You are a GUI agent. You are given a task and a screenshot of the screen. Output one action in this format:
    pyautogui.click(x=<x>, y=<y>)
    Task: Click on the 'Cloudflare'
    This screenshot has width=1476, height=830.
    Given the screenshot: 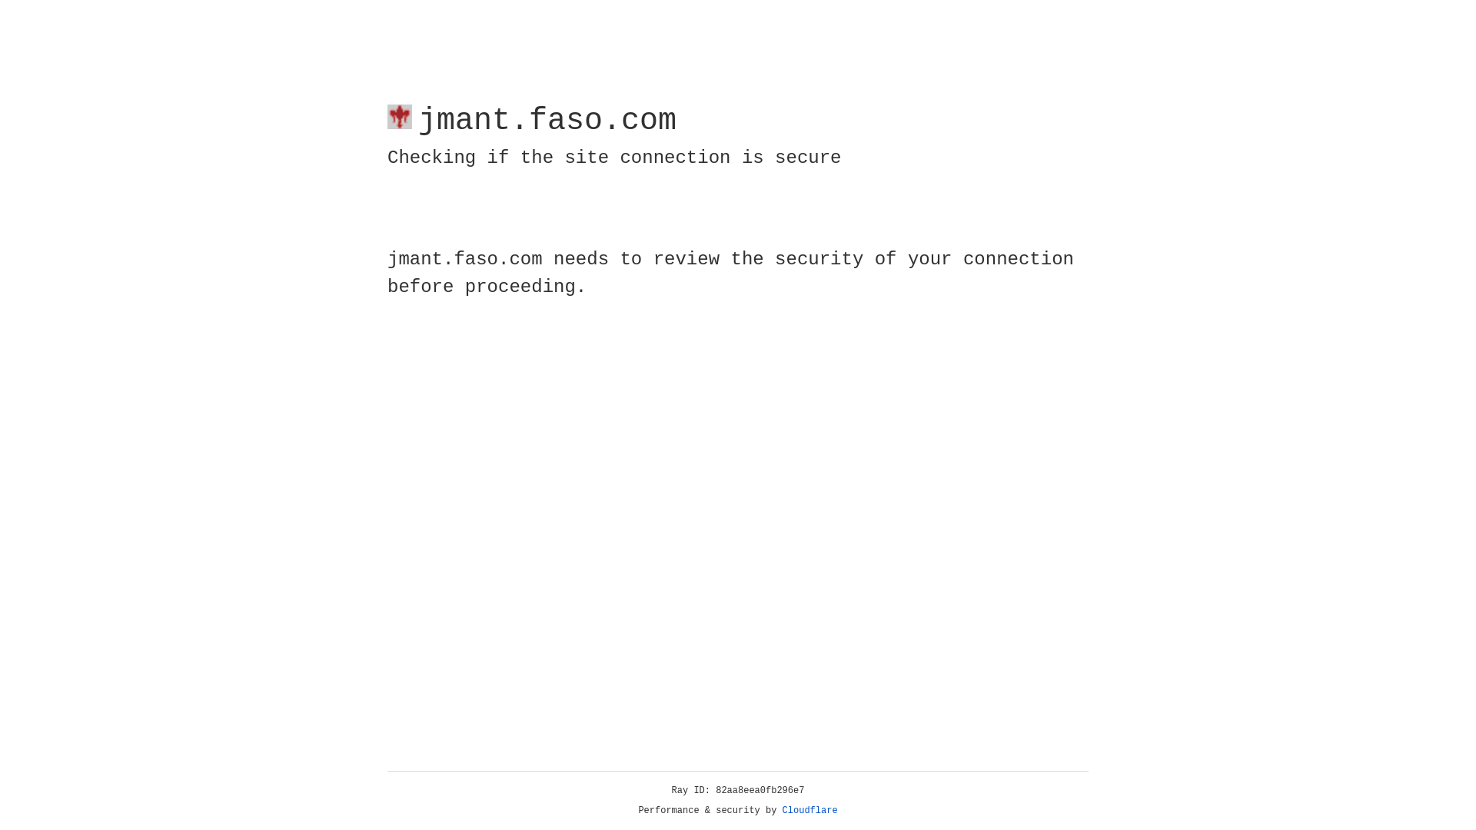 What is the action you would take?
    pyautogui.click(x=809, y=810)
    